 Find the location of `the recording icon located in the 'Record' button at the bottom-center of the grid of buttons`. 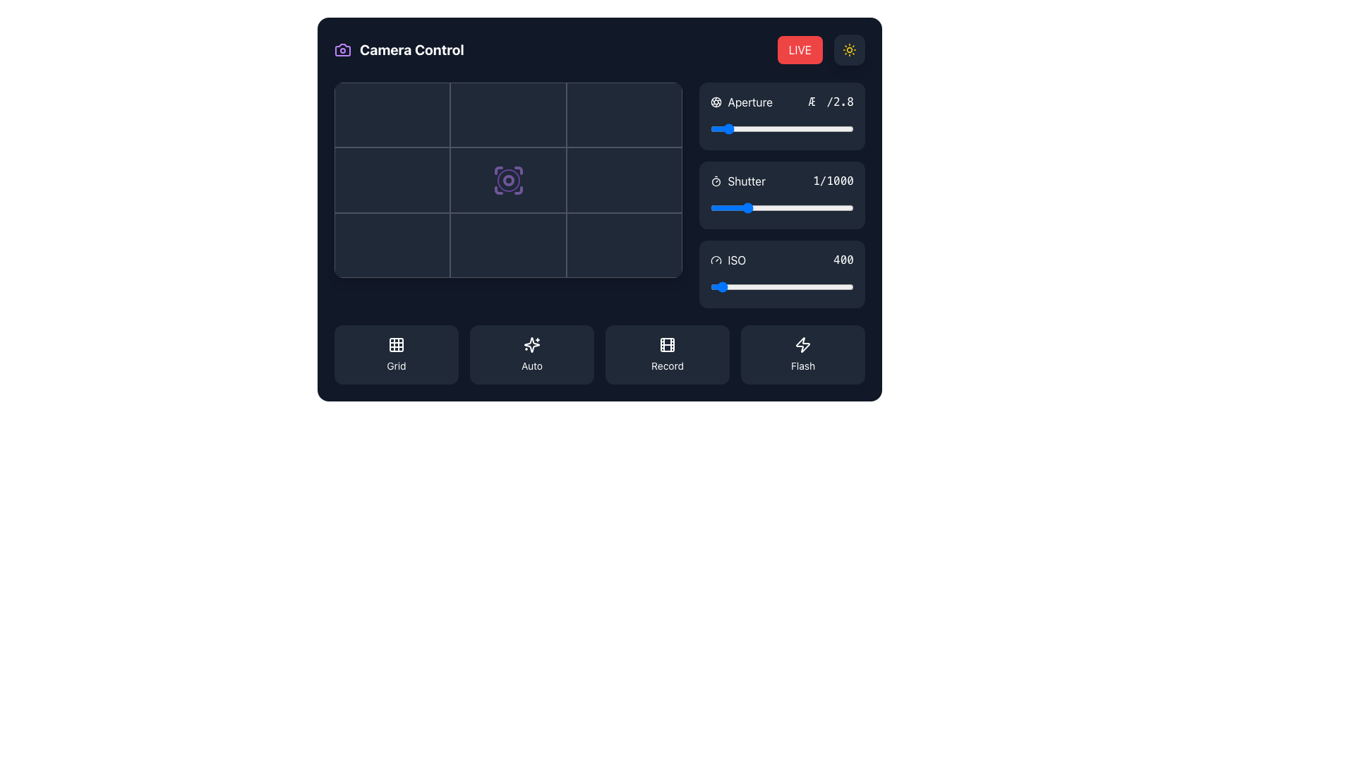

the recording icon located in the 'Record' button at the bottom-center of the grid of buttons is located at coordinates (666, 345).